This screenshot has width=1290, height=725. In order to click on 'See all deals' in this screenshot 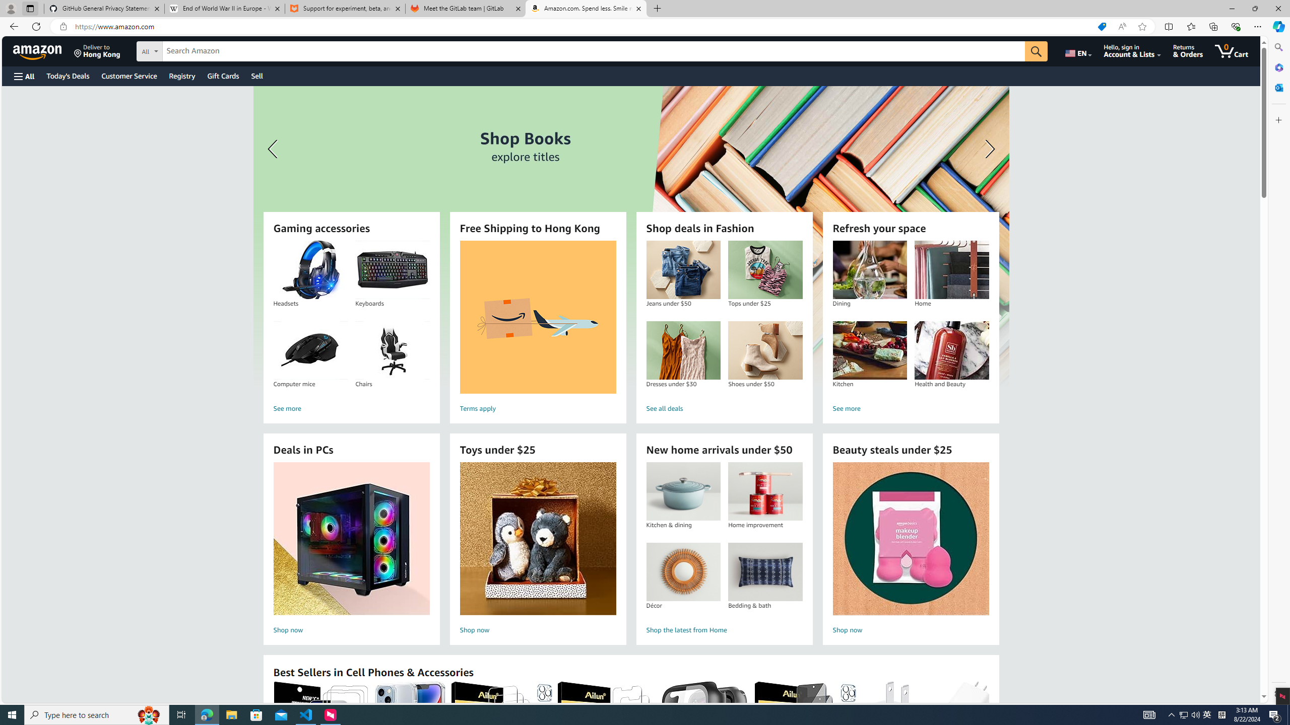, I will do `click(724, 408)`.